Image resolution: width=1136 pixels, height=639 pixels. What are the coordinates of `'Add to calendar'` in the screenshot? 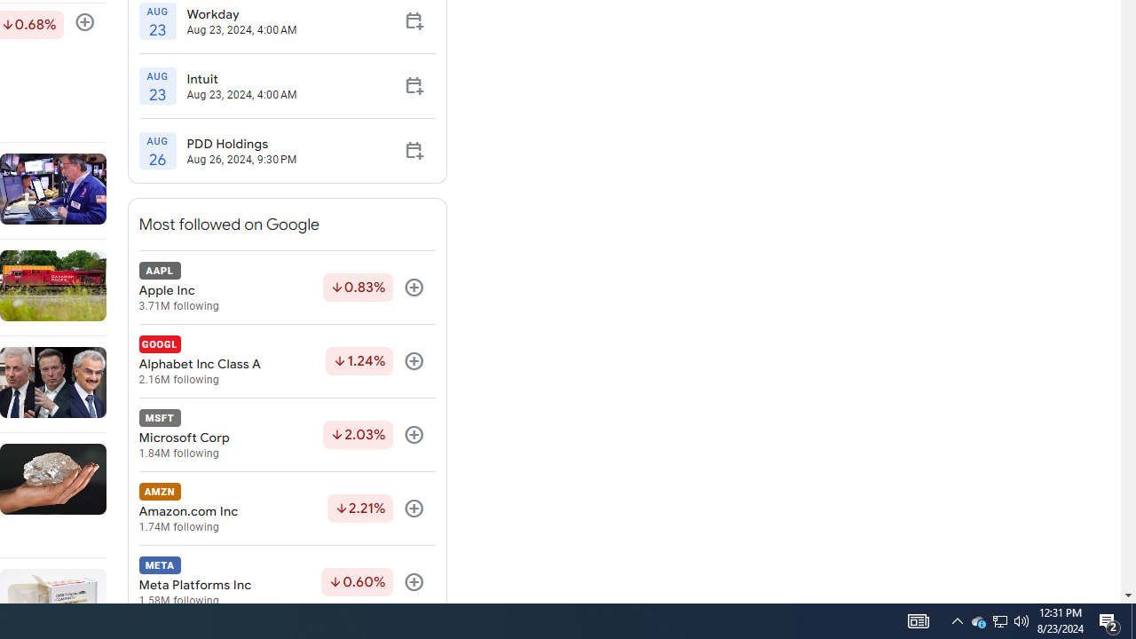 It's located at (413, 149).